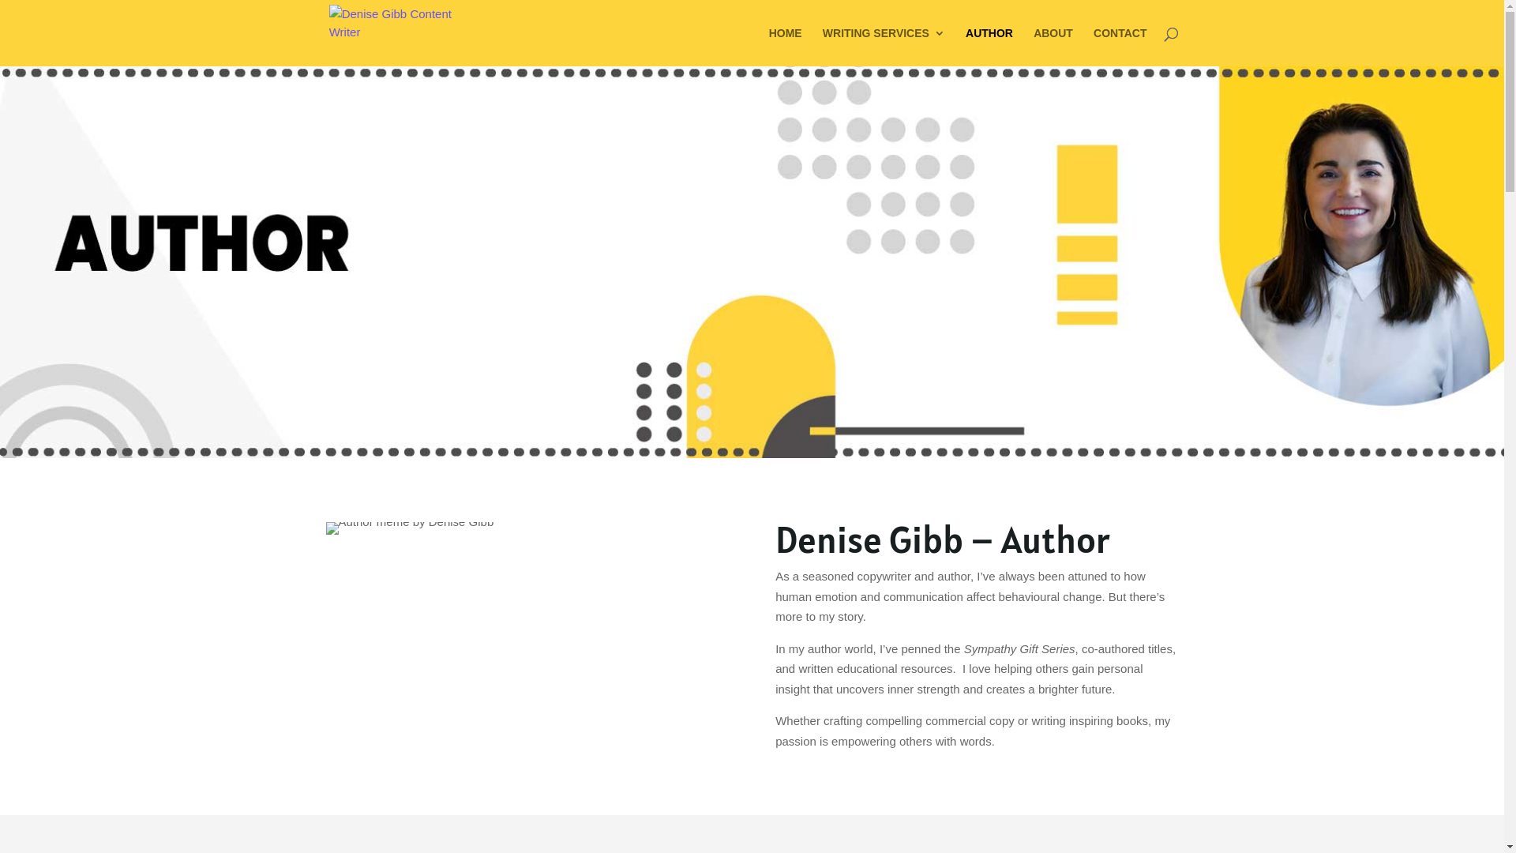 The height and width of the screenshot is (853, 1516). Describe the element at coordinates (965, 46) in the screenshot. I see `'AUTHOR'` at that location.